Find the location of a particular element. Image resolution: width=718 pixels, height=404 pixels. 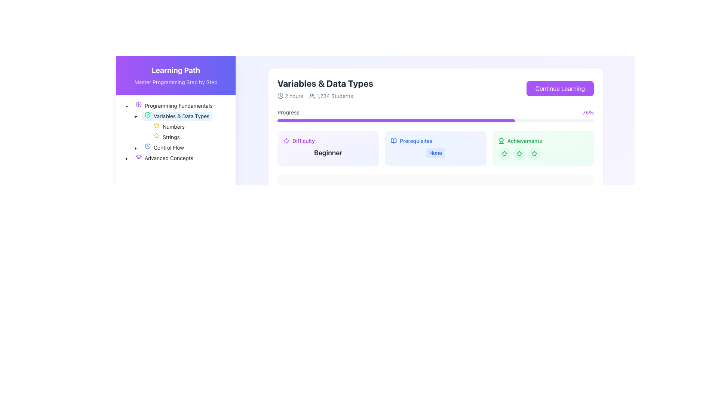

the informational display label that indicates the prerequisites required for the course, located in the central area of the three-column grid below the progress bar is located at coordinates (436, 149).